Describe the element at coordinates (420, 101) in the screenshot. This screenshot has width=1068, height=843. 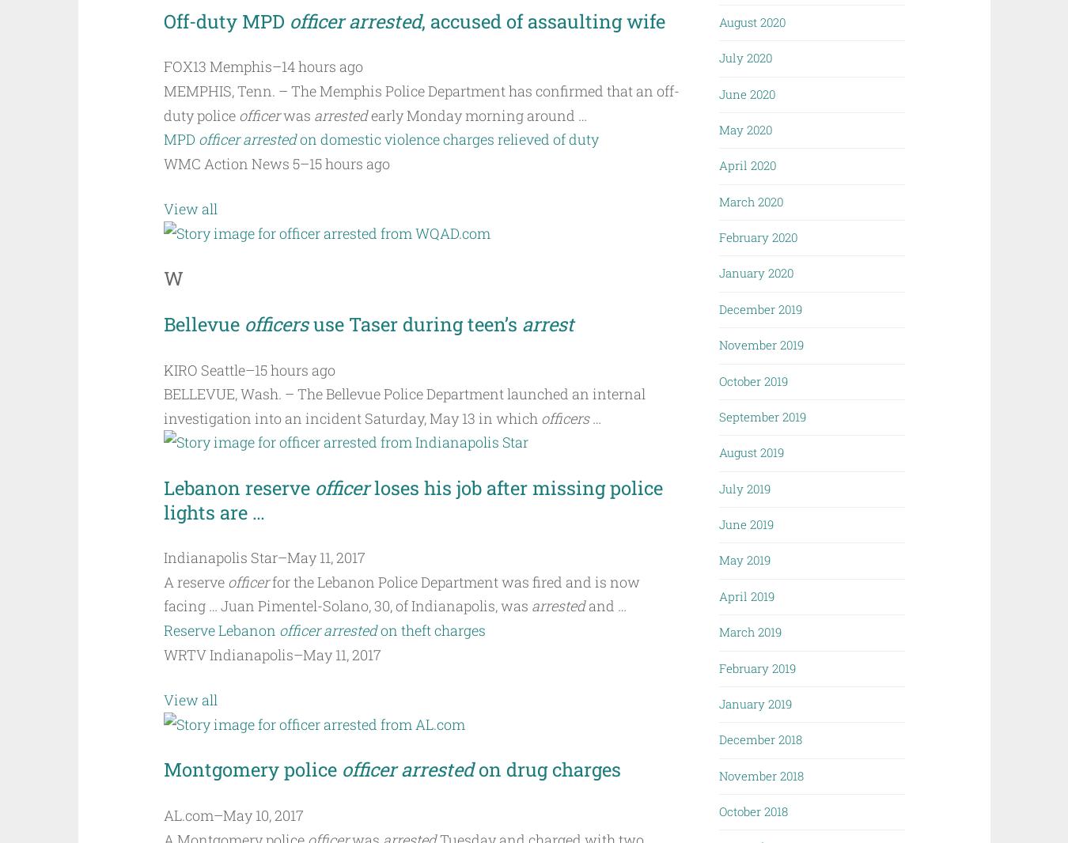
I see `'MEMPHIS, Tenn. – The Memphis Police Department has confirmed that an off-duty police'` at that location.